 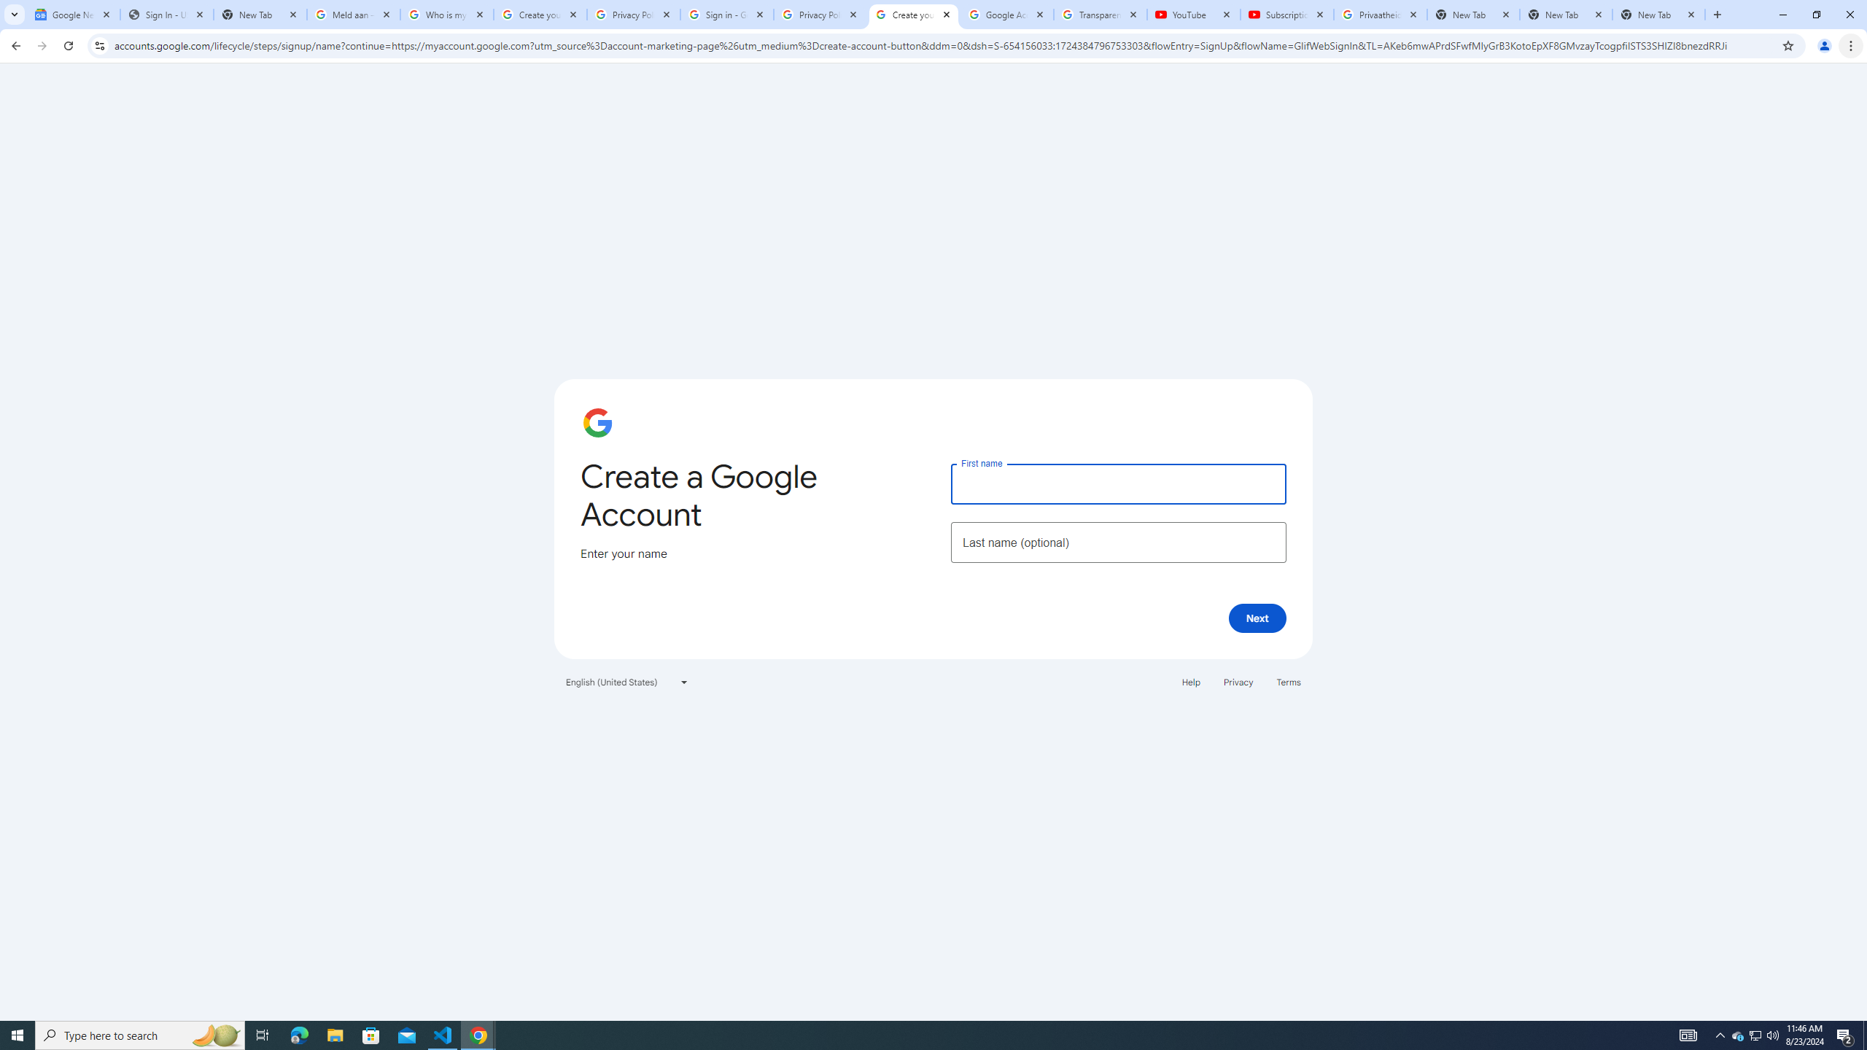 I want to click on 'View site information', so click(x=98, y=44).